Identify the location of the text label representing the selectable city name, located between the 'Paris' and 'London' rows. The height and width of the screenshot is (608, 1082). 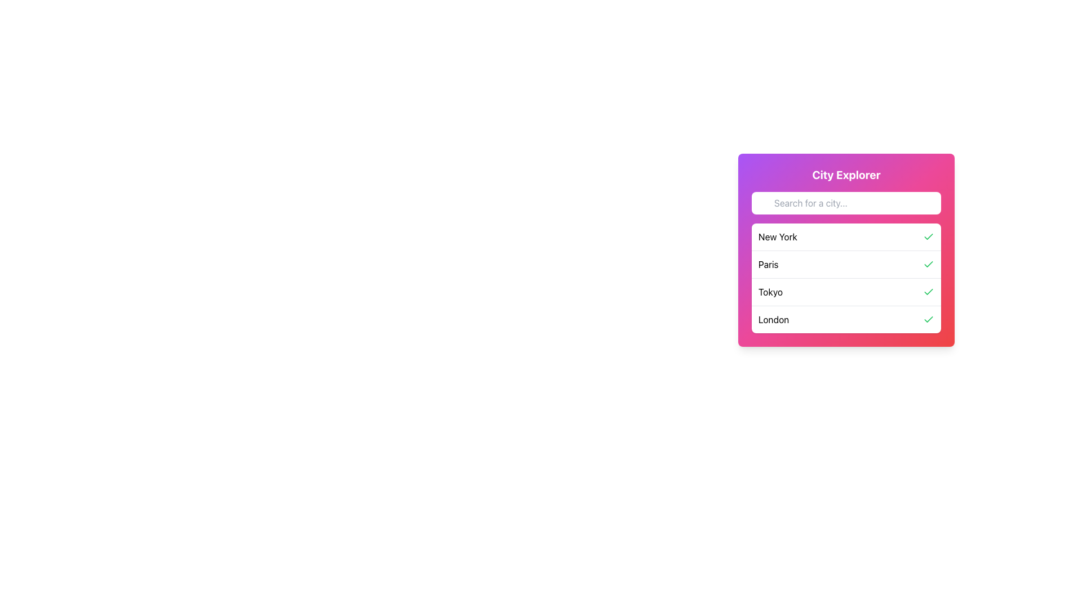
(770, 292).